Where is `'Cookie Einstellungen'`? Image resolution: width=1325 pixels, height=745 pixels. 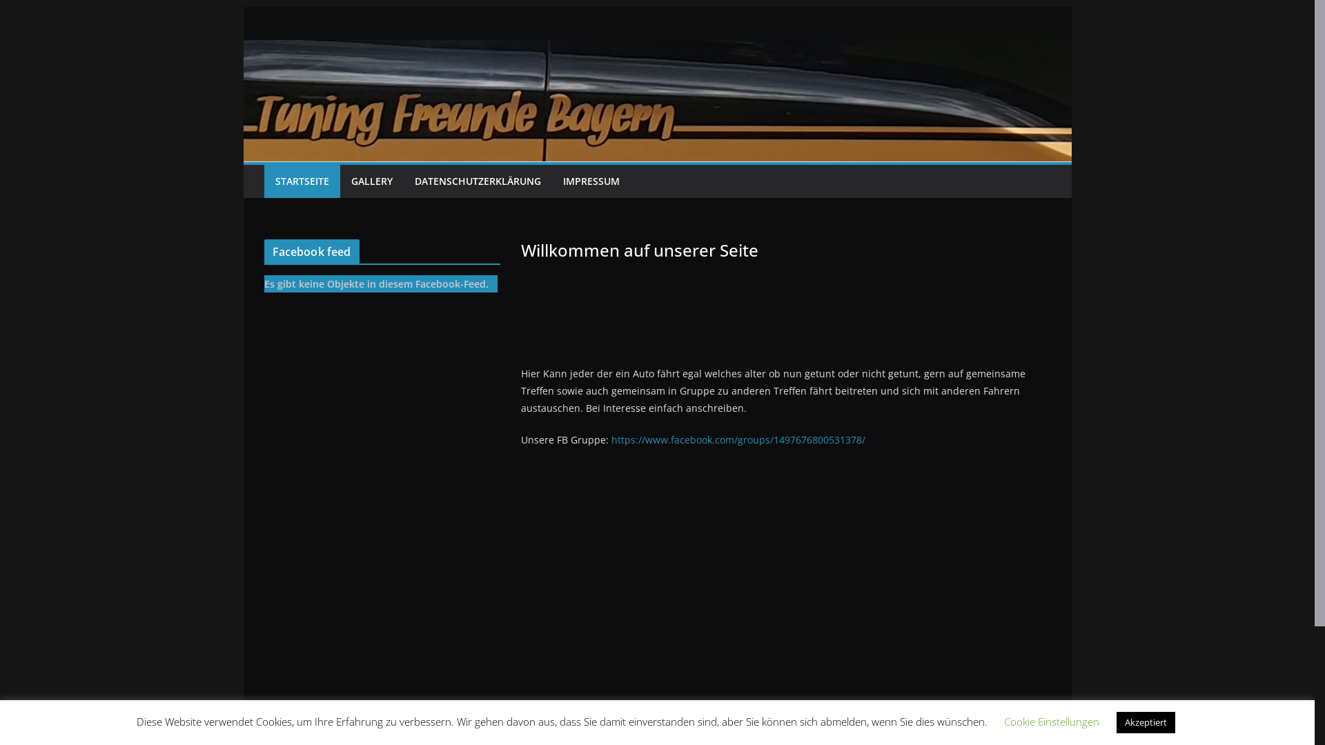 'Cookie Einstellungen' is located at coordinates (1050, 720).